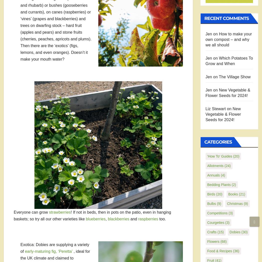 The image size is (262, 262). I want to click on '! If not in beds, then in pots on the patio, even in hanging baskets; so try all our other varieties like', so click(92, 215).